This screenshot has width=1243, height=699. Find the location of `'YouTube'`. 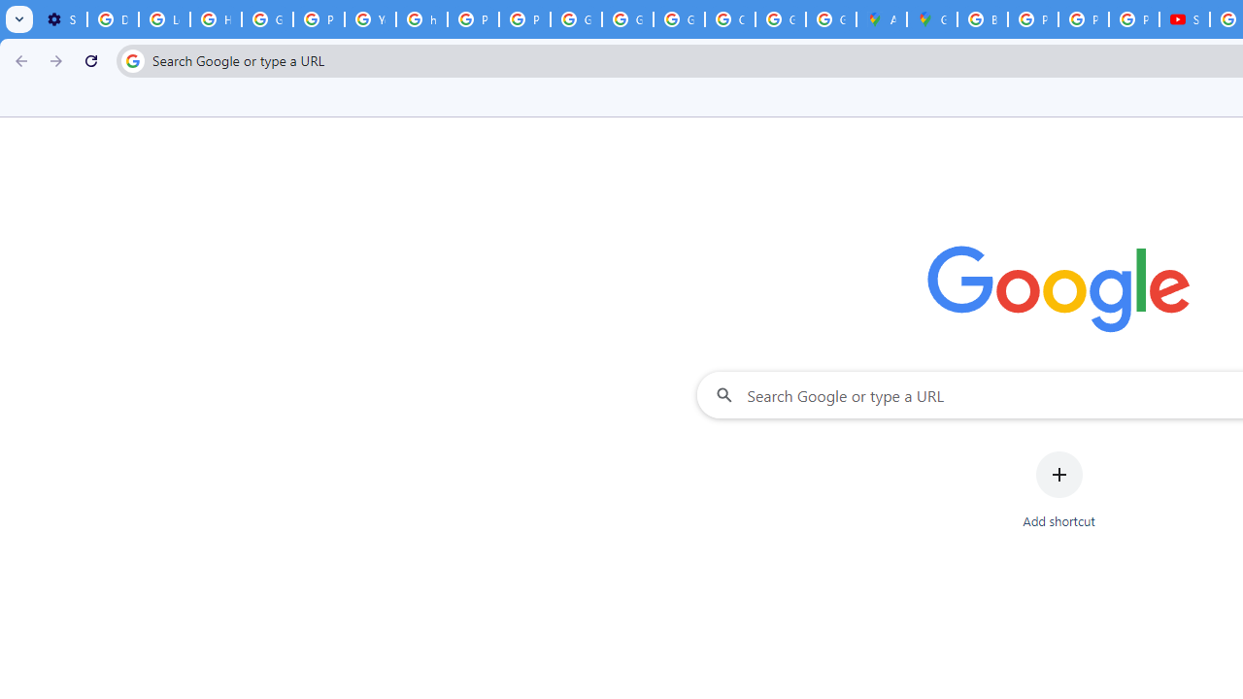

'YouTube' is located at coordinates (370, 19).